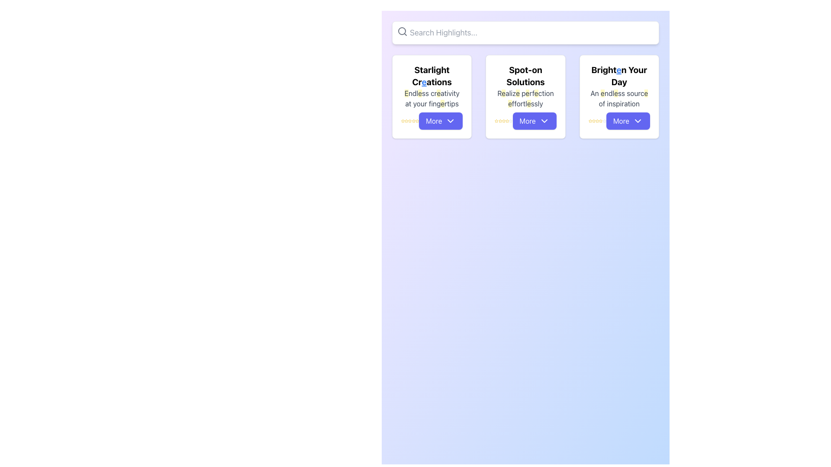 Image resolution: width=831 pixels, height=467 pixels. Describe the element at coordinates (618, 103) in the screenshot. I see `the text label that contains 'of inspiration' in gray color, located in the third card below the title 'Brighten Your Day'` at that location.